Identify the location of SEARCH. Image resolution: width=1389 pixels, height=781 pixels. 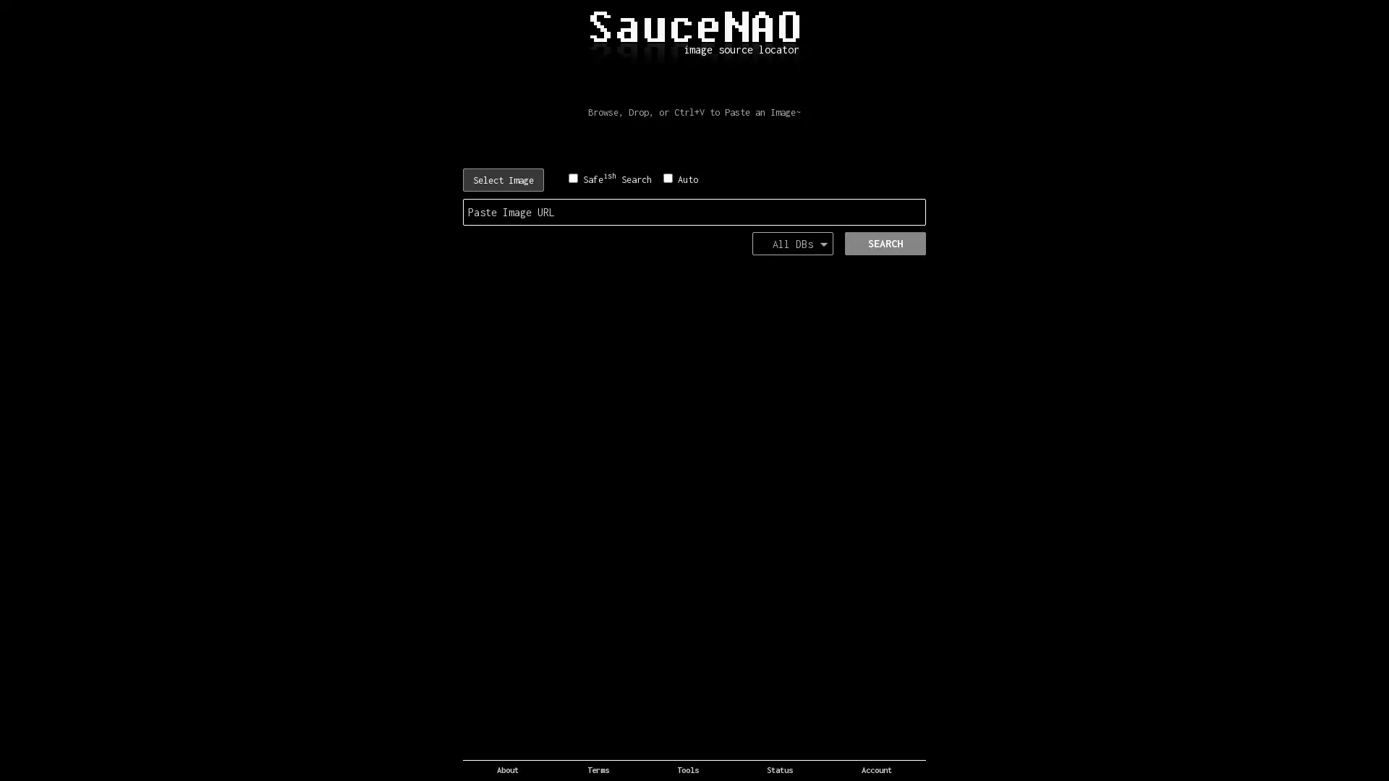
(885, 242).